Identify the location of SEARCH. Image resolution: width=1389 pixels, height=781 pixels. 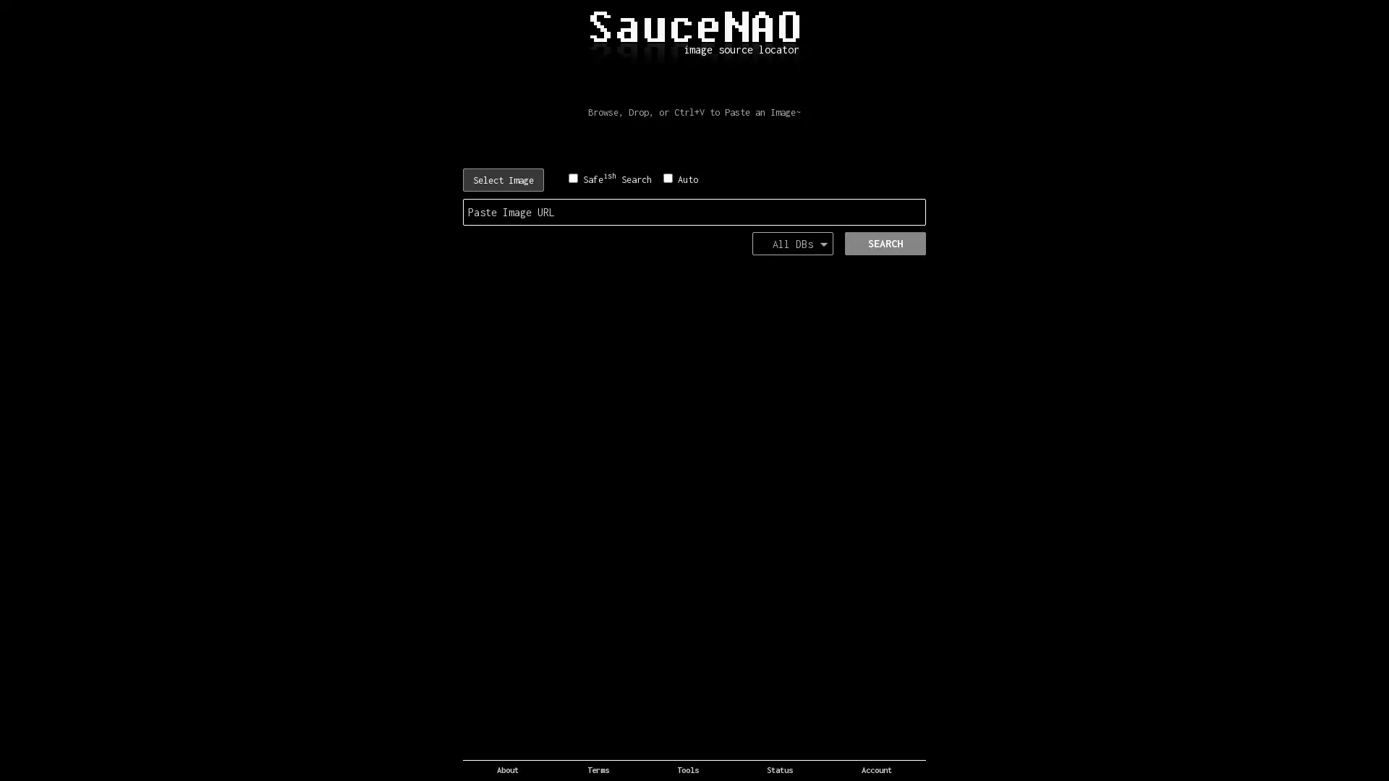
(885, 242).